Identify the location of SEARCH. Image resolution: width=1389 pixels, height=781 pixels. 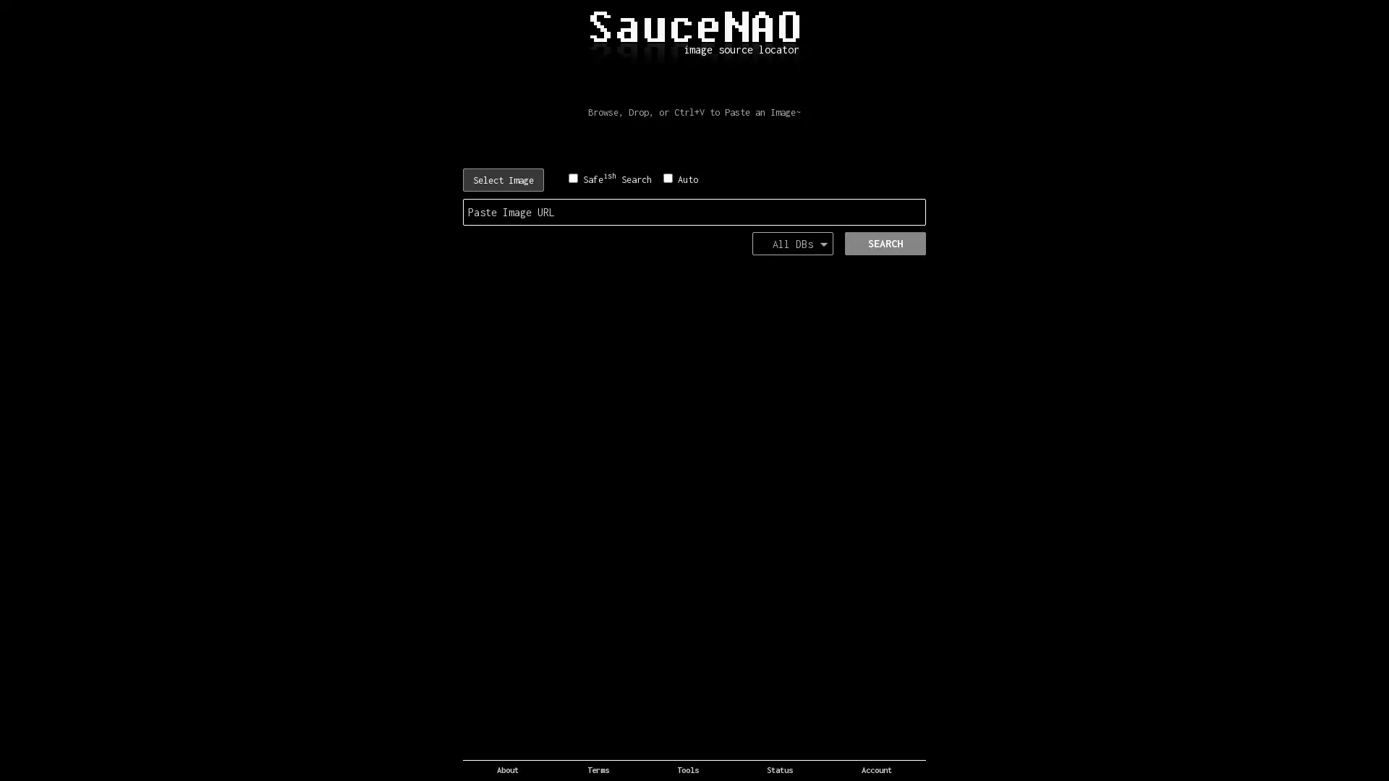
(885, 242).